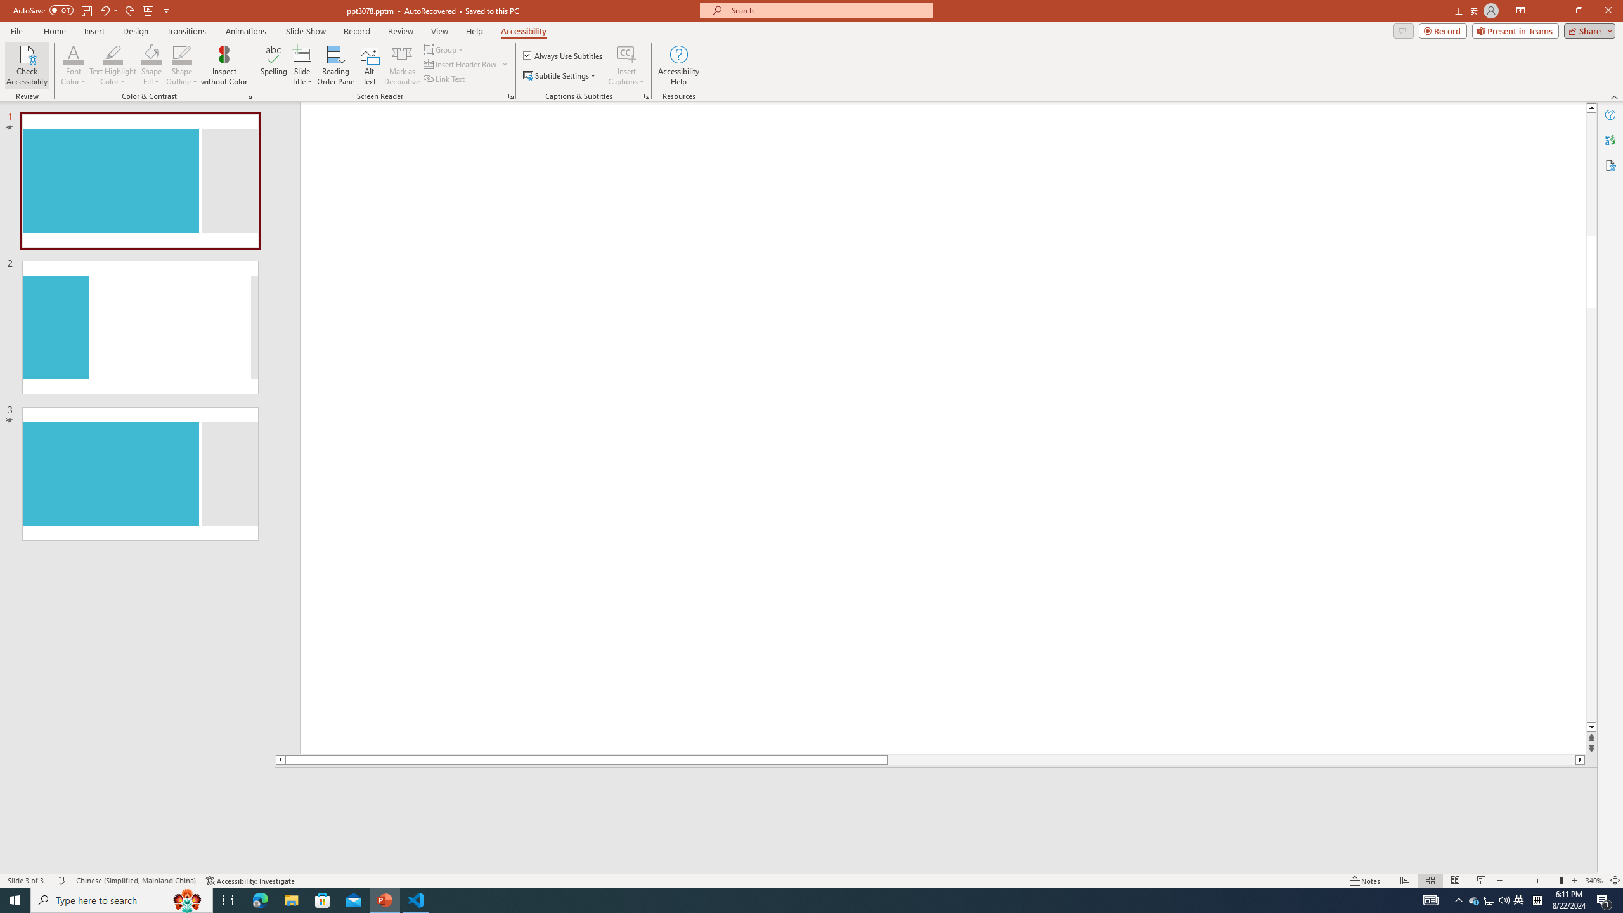 The height and width of the screenshot is (913, 1623). What do you see at coordinates (511, 95) in the screenshot?
I see `'Screen Reader'` at bounding box center [511, 95].